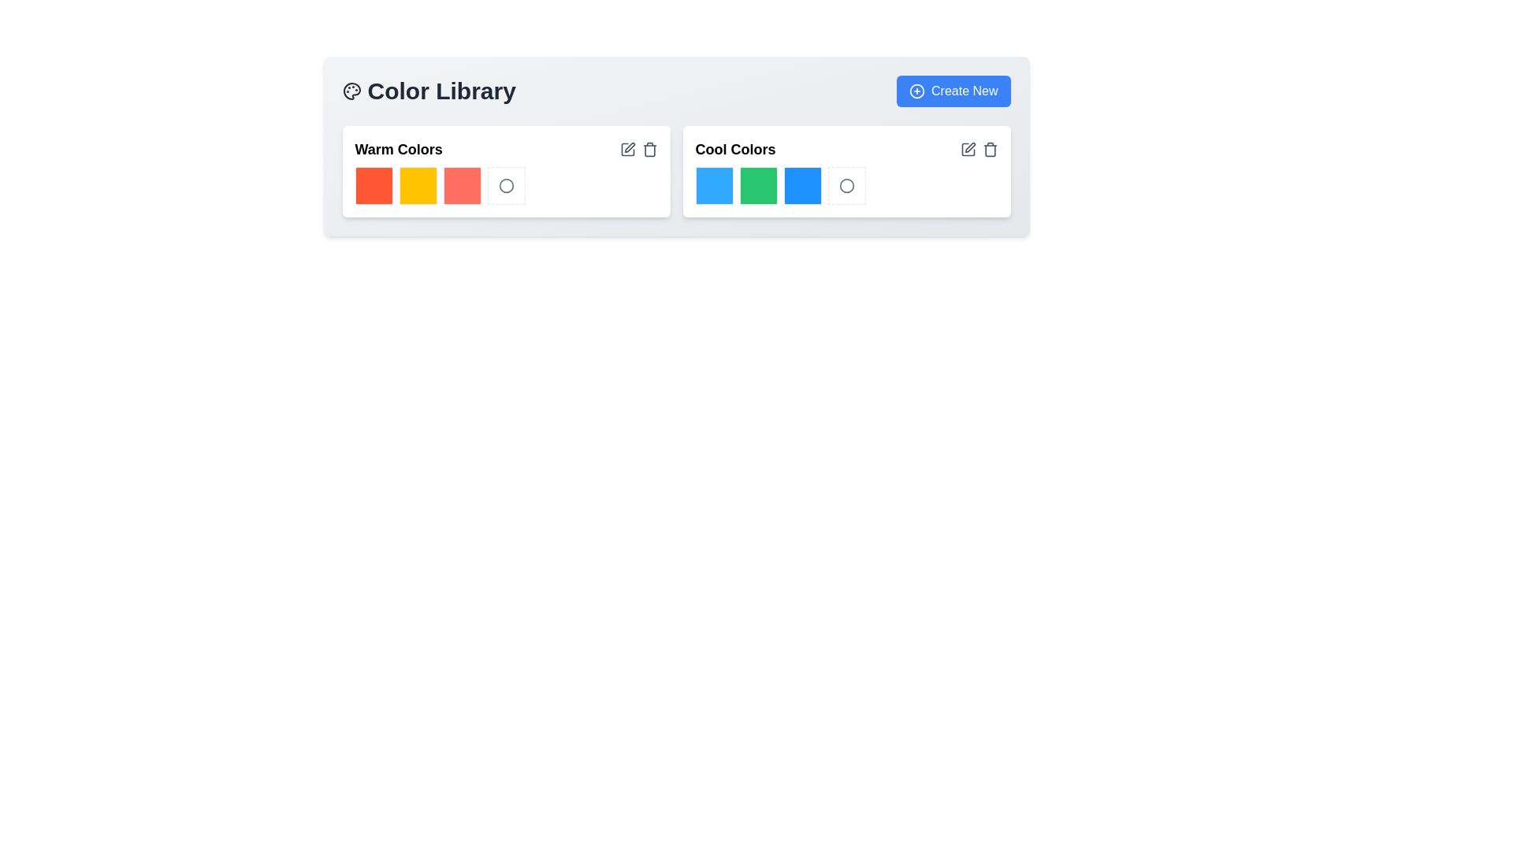 Image resolution: width=1513 pixels, height=851 pixels. Describe the element at coordinates (626, 149) in the screenshot. I see `the pencil icon button located in the upper-right corner of the 'Warm Colors' section to initiate an action` at that location.